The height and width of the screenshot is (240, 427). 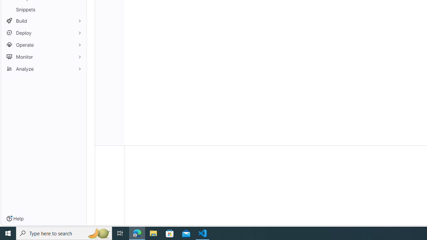 I want to click on 'Deploy', so click(x=43, y=33).